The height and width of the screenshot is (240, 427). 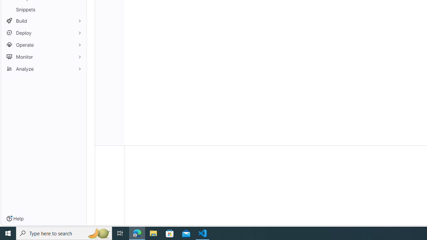 I want to click on 'Deploy', so click(x=43, y=33).